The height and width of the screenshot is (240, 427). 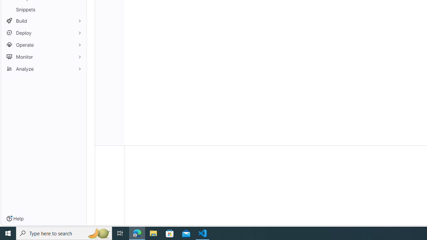 I want to click on 'Deploy', so click(x=43, y=33).